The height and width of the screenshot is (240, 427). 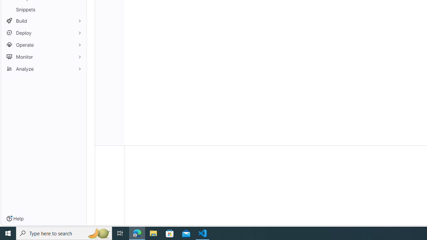 I want to click on 'Deploy', so click(x=43, y=33).